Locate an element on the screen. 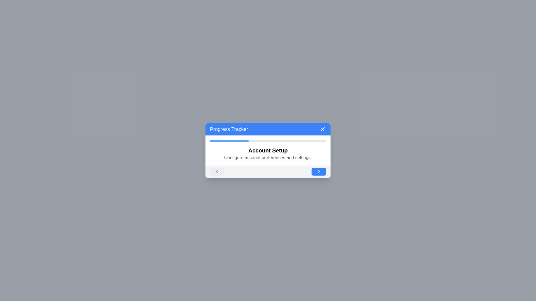  the close button icon located in the top right corner of the blue title bar is located at coordinates (323, 129).